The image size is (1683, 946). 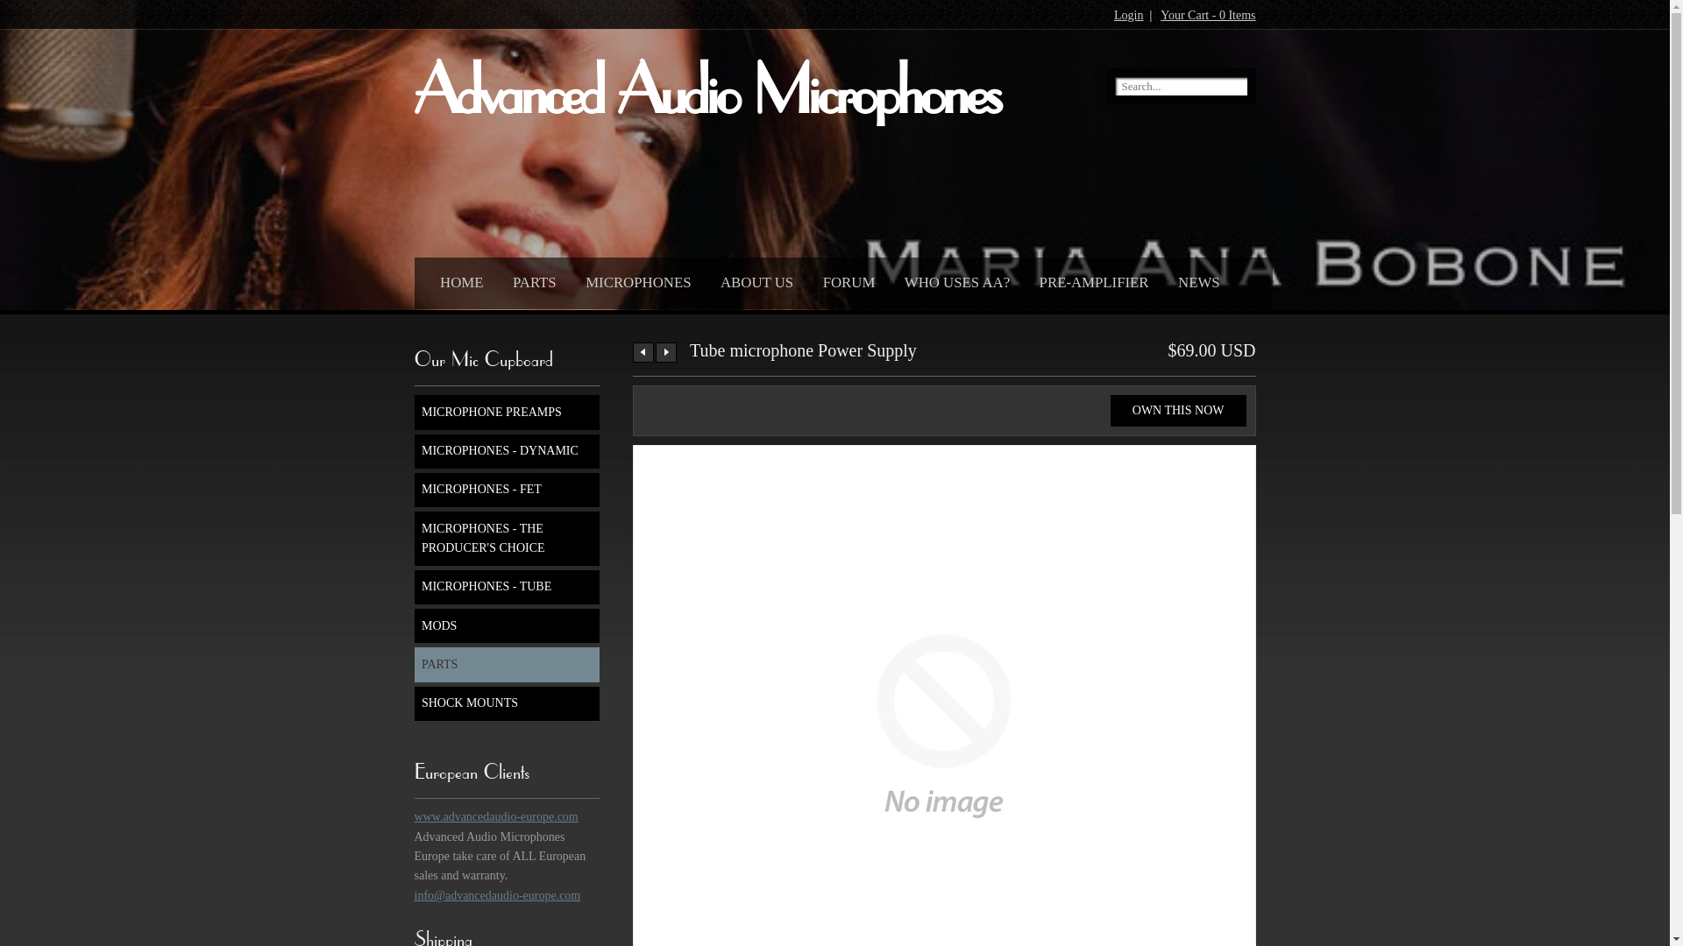 What do you see at coordinates (951, 279) in the screenshot?
I see `'WHO USES AA?'` at bounding box center [951, 279].